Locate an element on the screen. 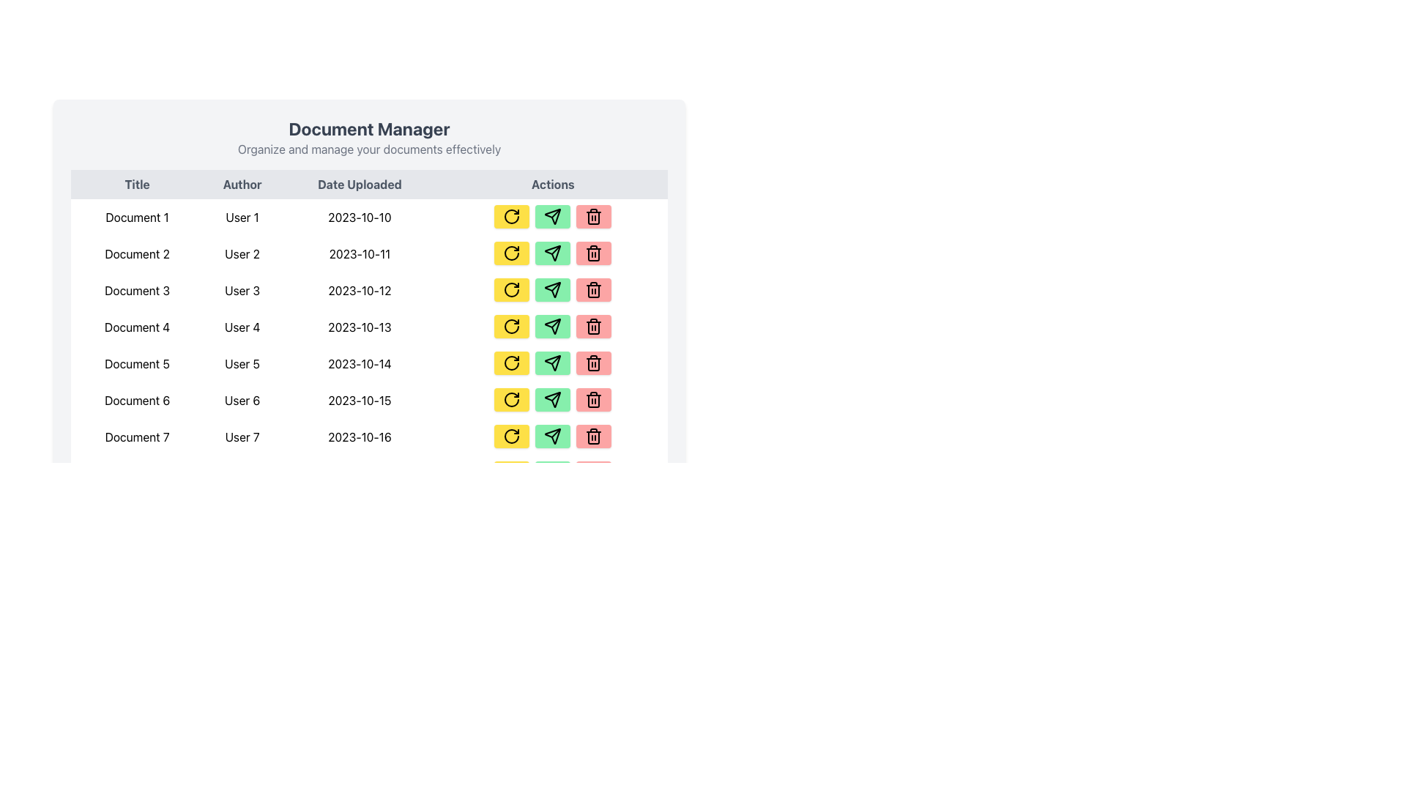 The width and height of the screenshot is (1406, 791). the 'Document 1' text label in the 'Title' column of the data table, which is the first row entry and displays black text on a white background is located at coordinates (137, 218).